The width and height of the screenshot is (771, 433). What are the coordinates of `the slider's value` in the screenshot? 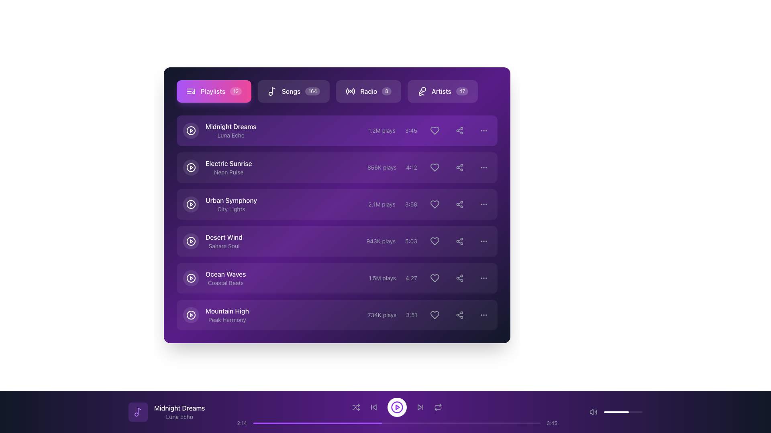 It's located at (626, 412).